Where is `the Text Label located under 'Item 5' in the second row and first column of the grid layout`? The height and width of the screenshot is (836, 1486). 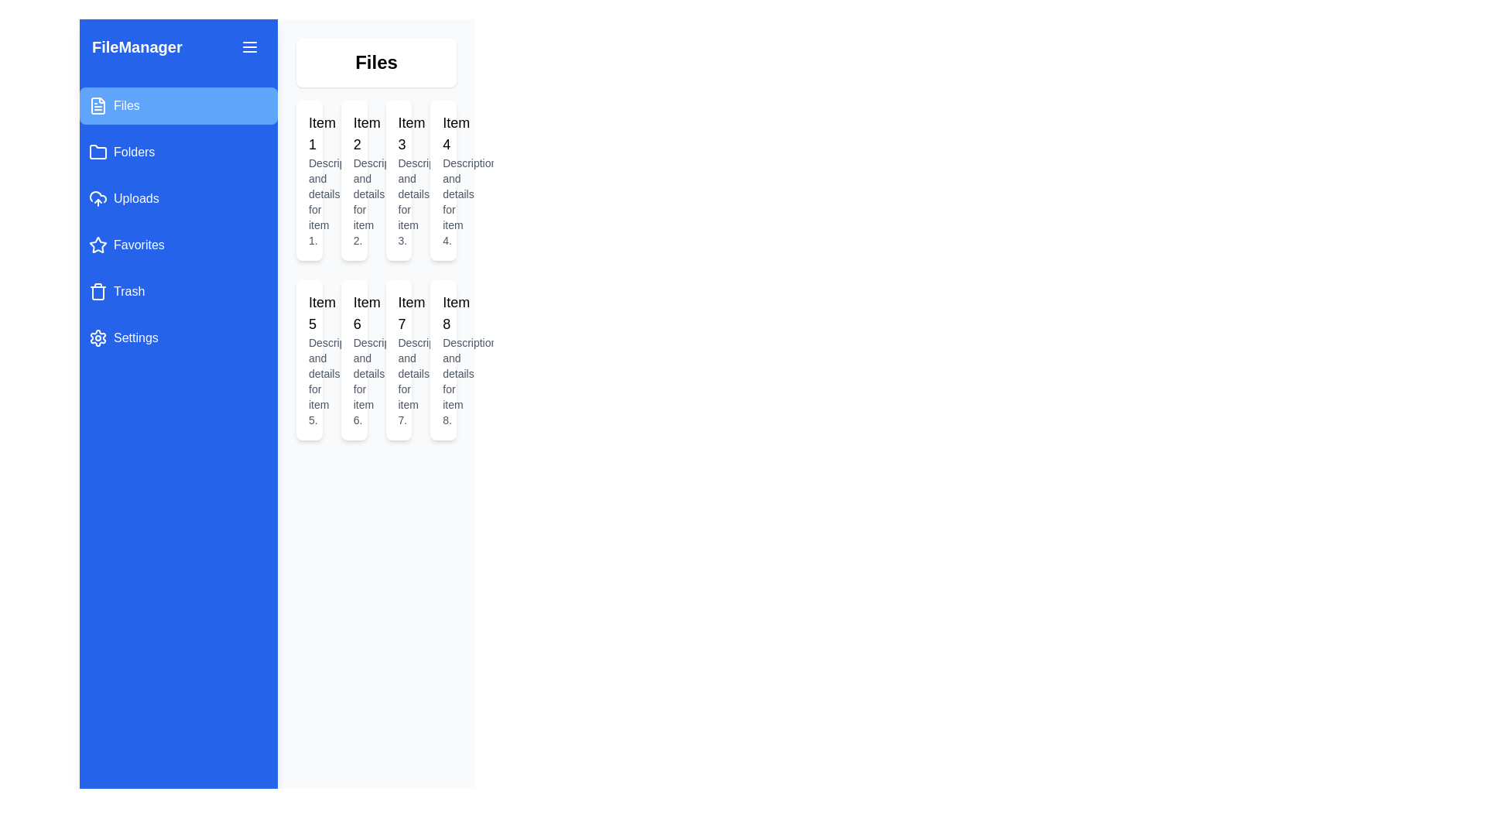
the Text Label located under 'Item 5' in the second row and first column of the grid layout is located at coordinates (309, 382).